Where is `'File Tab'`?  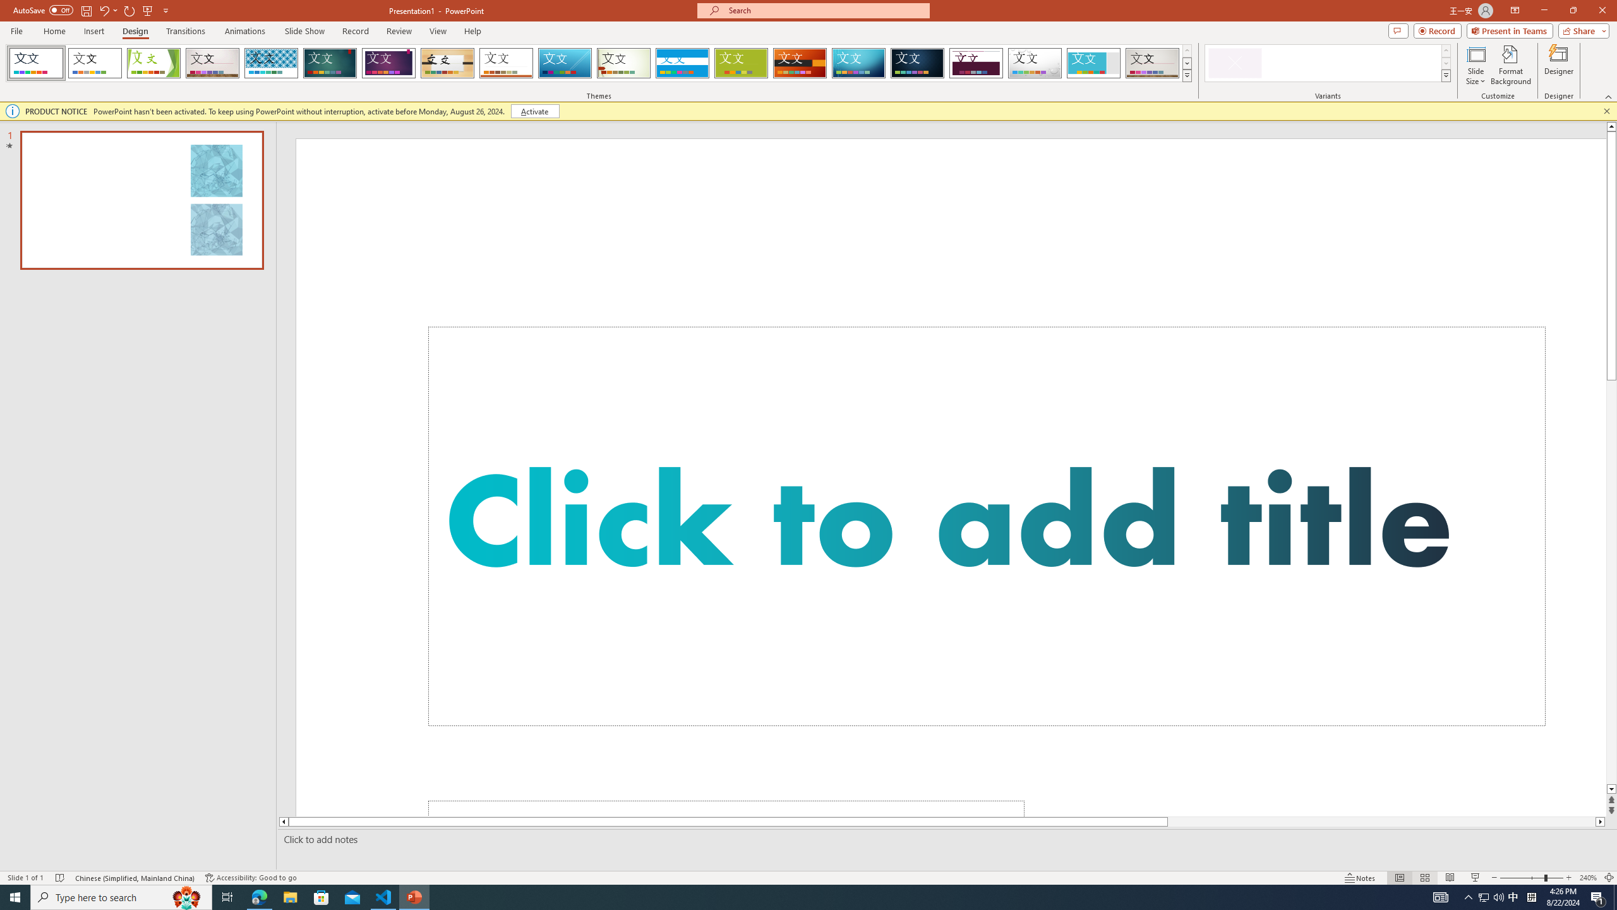 'File Tab' is located at coordinates (16, 30).